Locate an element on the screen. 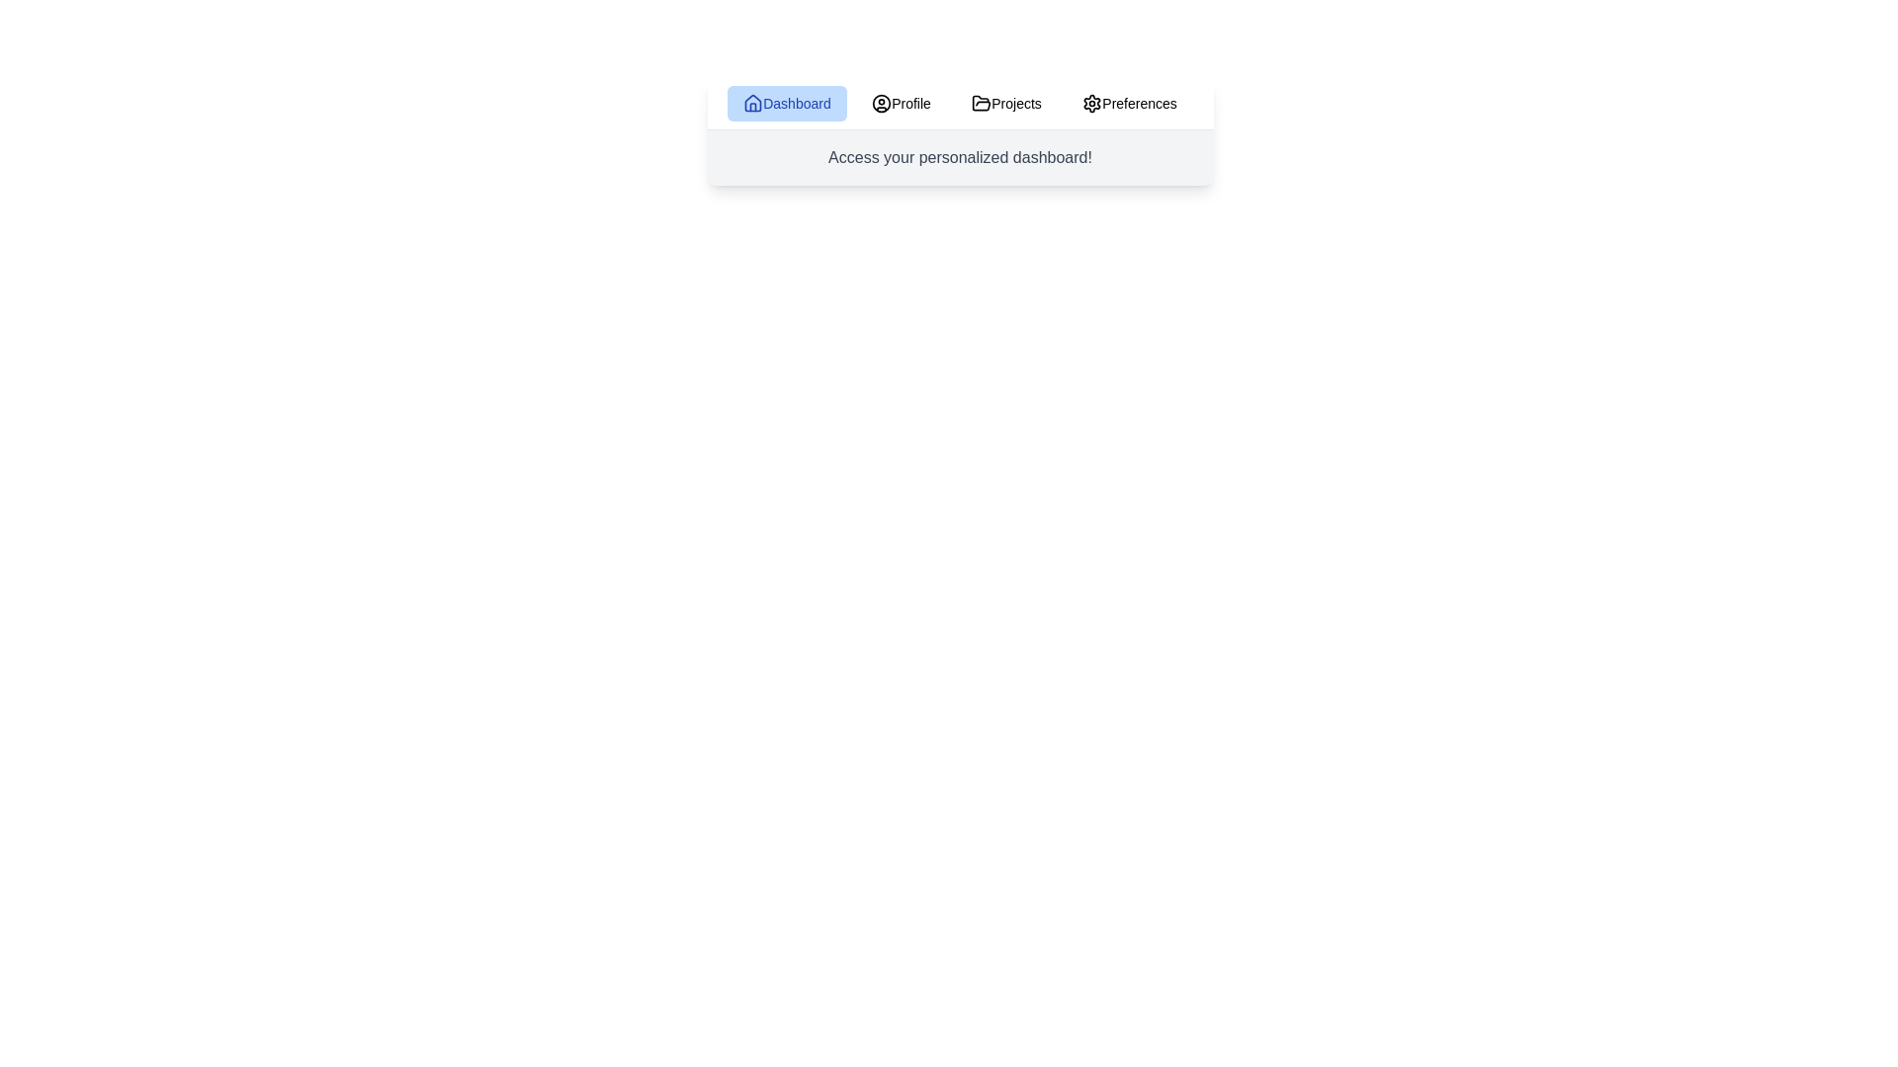 This screenshot has width=1898, height=1067. the tab labeled Projects to view its content is located at coordinates (1006, 103).